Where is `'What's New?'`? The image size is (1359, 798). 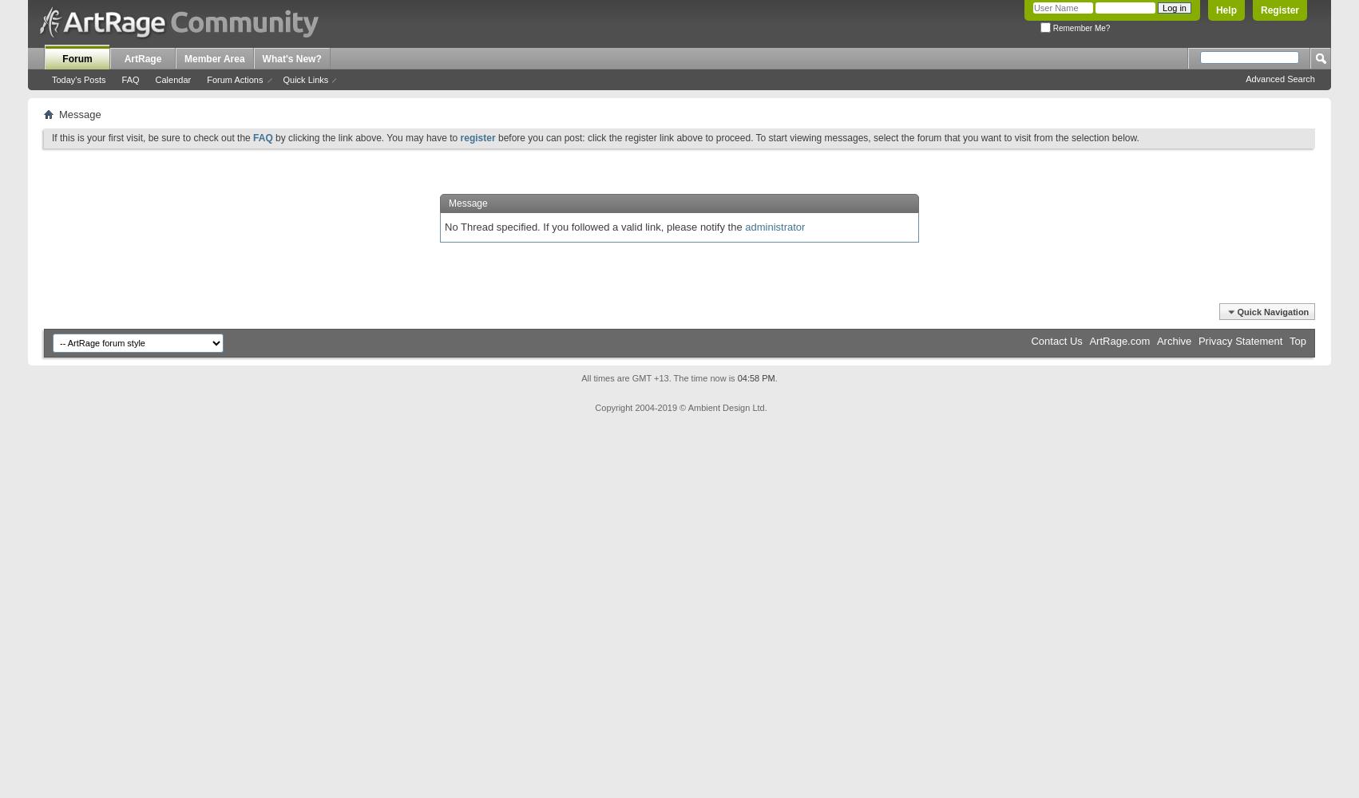 'What's New?' is located at coordinates (291, 58).